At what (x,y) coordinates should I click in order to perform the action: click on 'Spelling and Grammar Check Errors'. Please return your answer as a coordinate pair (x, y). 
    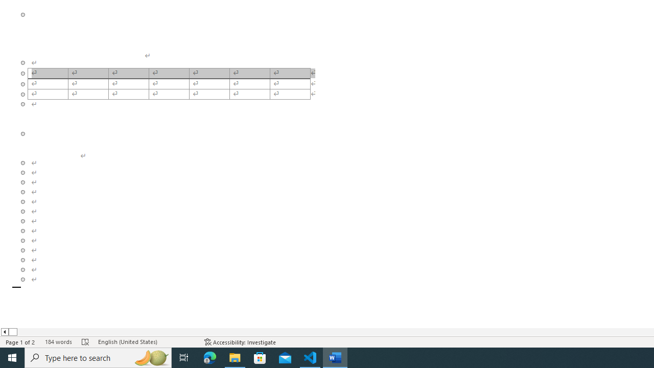
    Looking at the image, I should click on (86, 342).